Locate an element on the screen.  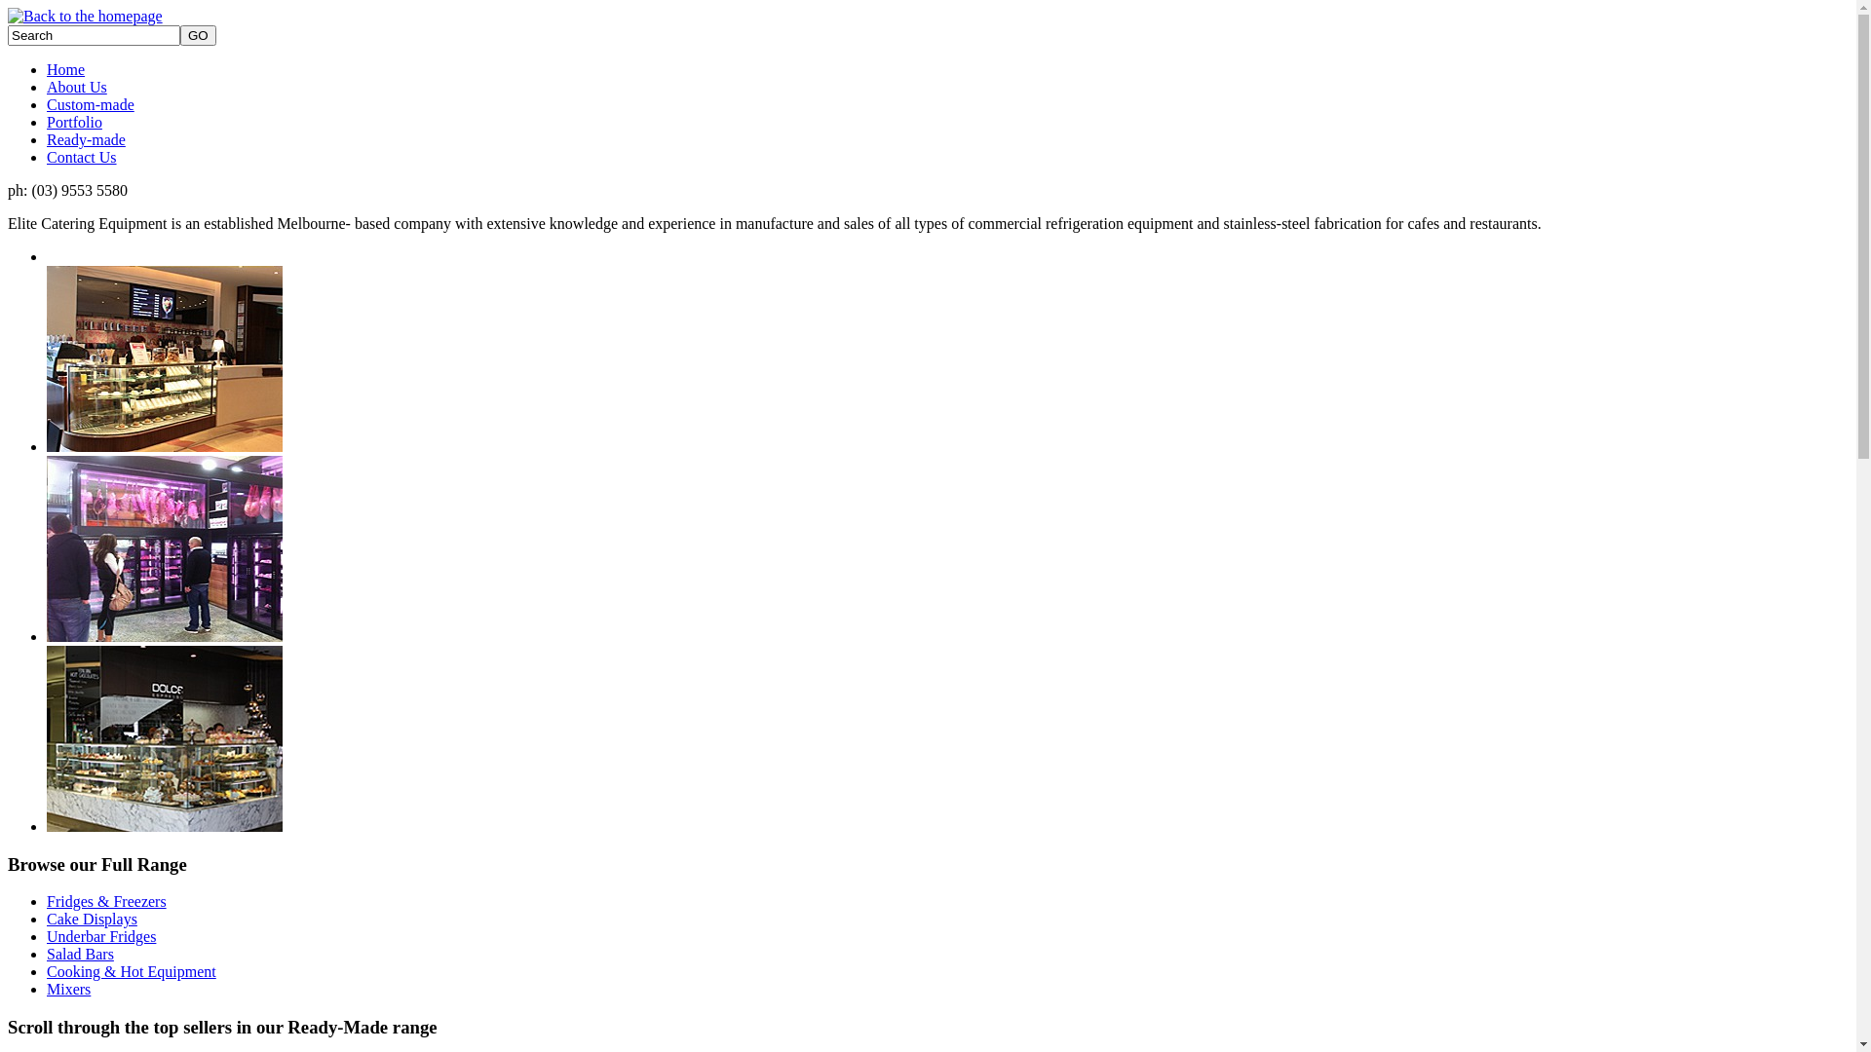
'Salad Bars' is located at coordinates (47, 953).